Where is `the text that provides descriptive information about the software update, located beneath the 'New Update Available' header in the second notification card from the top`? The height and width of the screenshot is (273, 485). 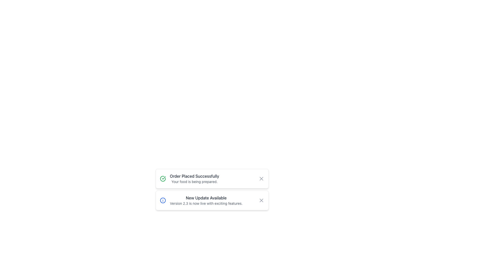 the text that provides descriptive information about the software update, located beneath the 'New Update Available' header in the second notification card from the top is located at coordinates (206, 203).